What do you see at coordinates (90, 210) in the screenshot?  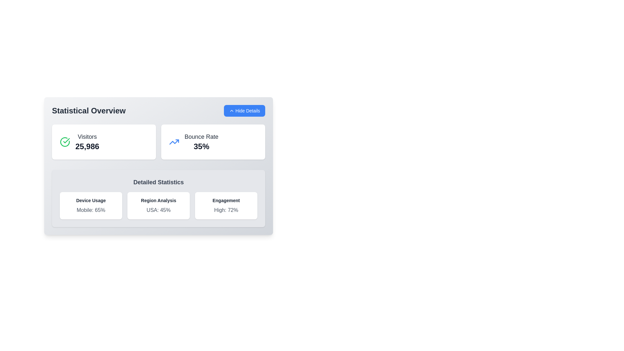 I see `the text label displaying 'Mobile: 65%' located in the 'Device Usage' section beneath the 'Device Usage' header` at bounding box center [90, 210].